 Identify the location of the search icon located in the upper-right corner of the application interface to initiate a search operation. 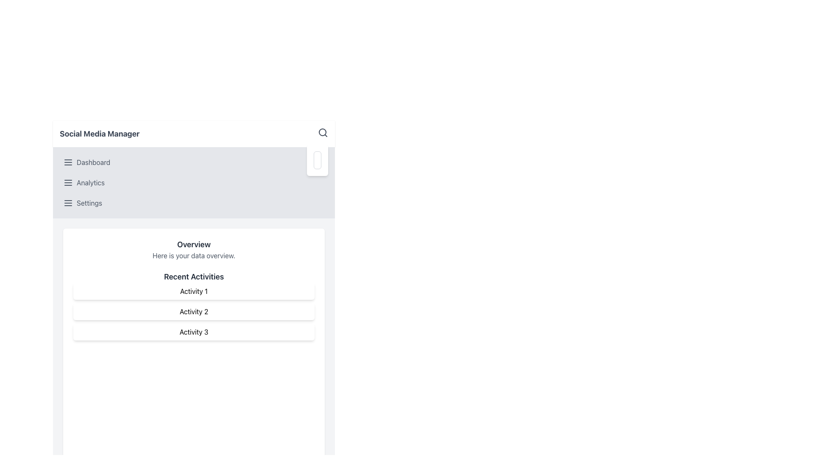
(323, 132).